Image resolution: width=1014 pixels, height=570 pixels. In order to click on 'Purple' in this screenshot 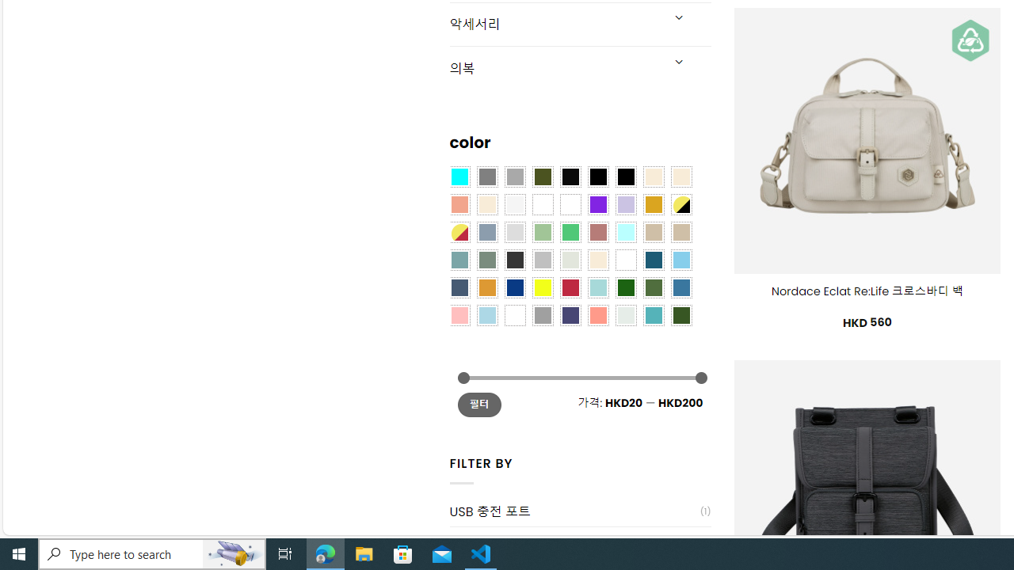, I will do `click(597, 203)`.